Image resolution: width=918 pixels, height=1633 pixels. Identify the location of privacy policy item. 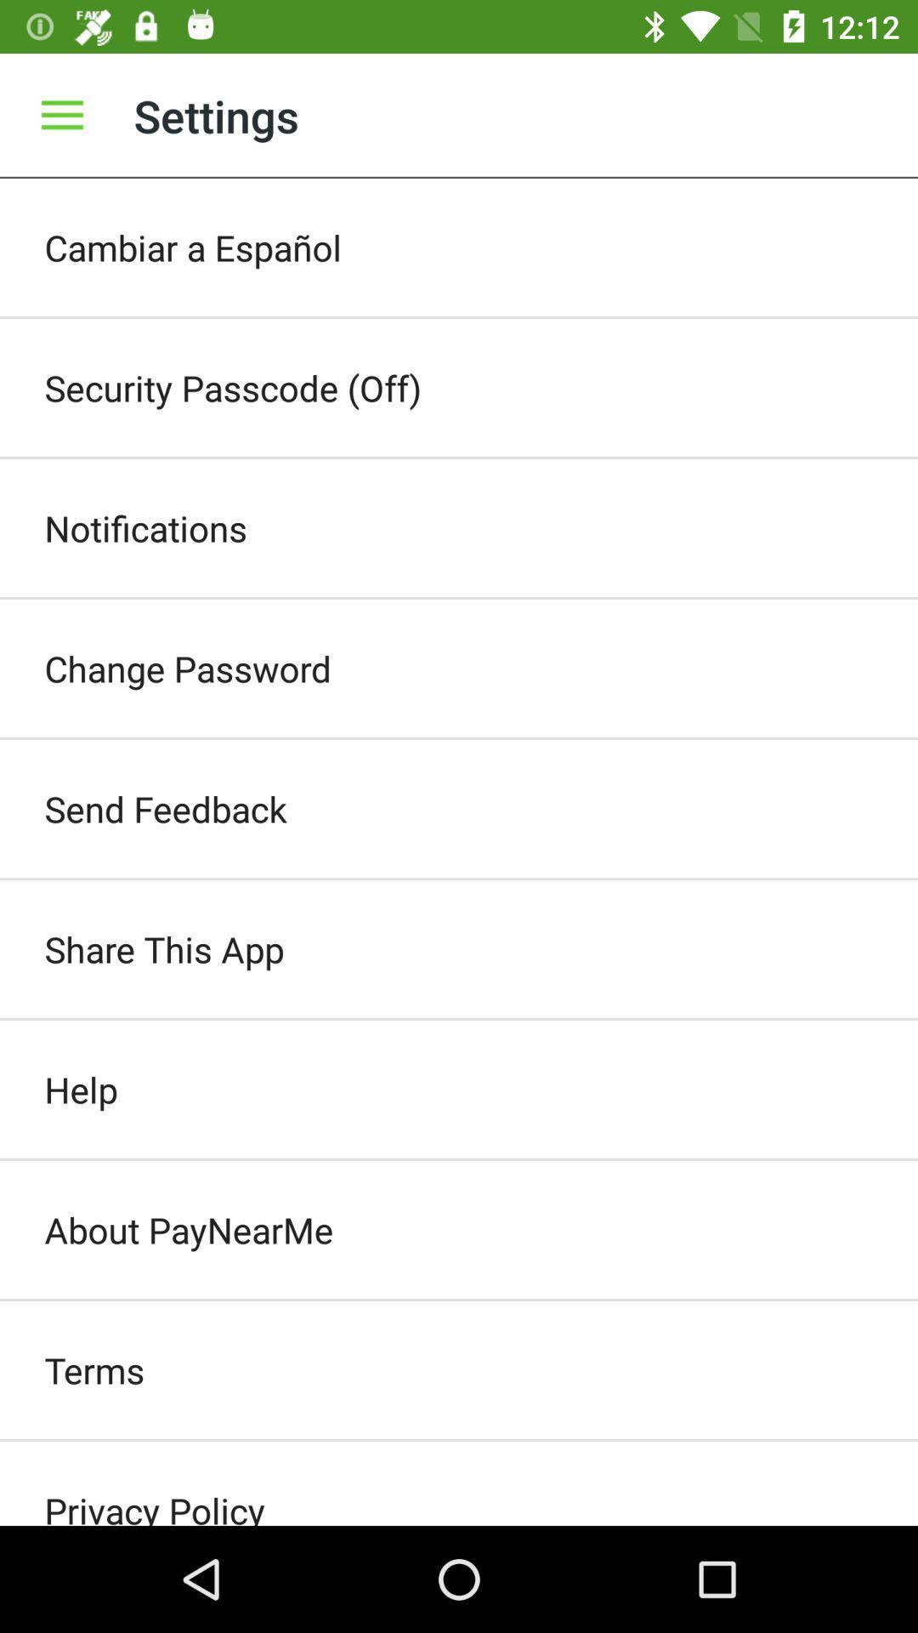
(459, 1482).